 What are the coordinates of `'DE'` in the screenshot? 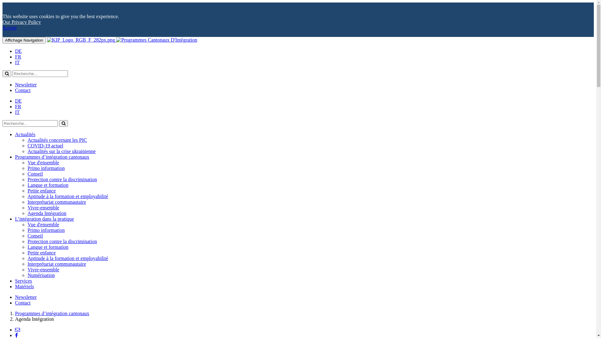 It's located at (15, 51).